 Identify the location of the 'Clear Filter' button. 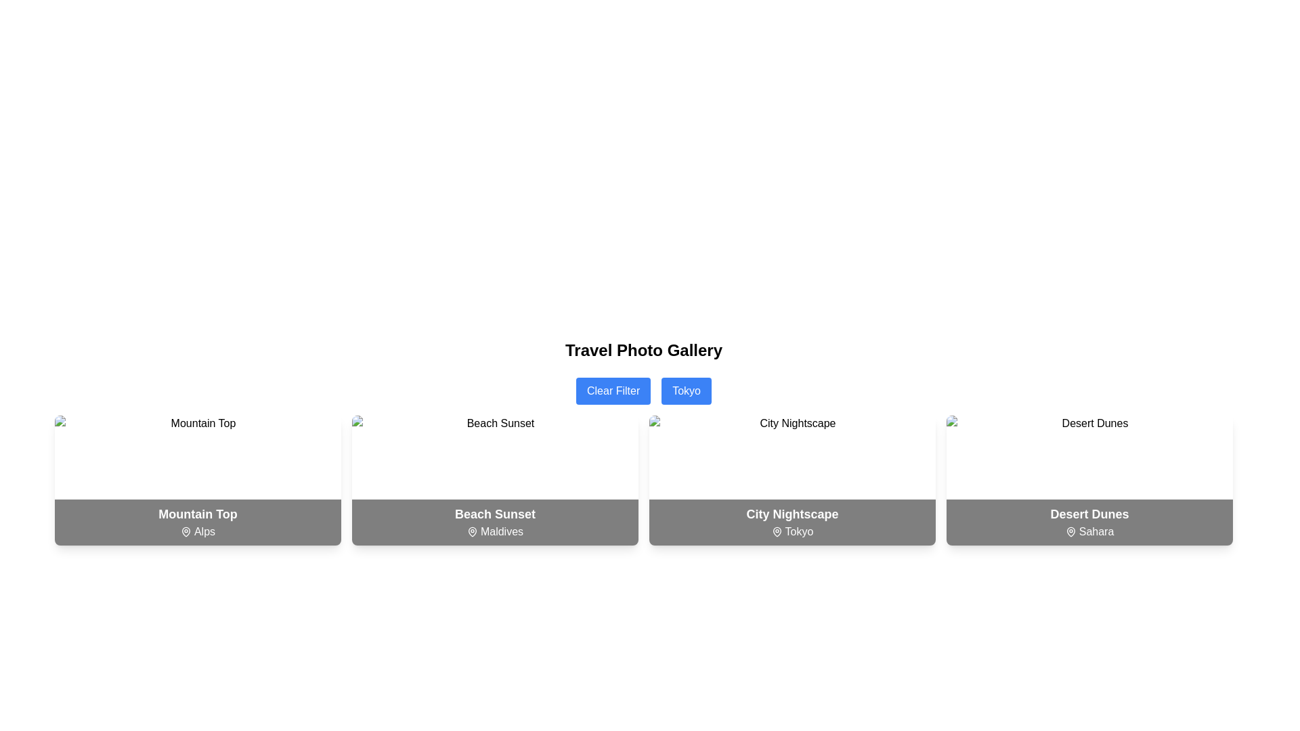
(613, 391).